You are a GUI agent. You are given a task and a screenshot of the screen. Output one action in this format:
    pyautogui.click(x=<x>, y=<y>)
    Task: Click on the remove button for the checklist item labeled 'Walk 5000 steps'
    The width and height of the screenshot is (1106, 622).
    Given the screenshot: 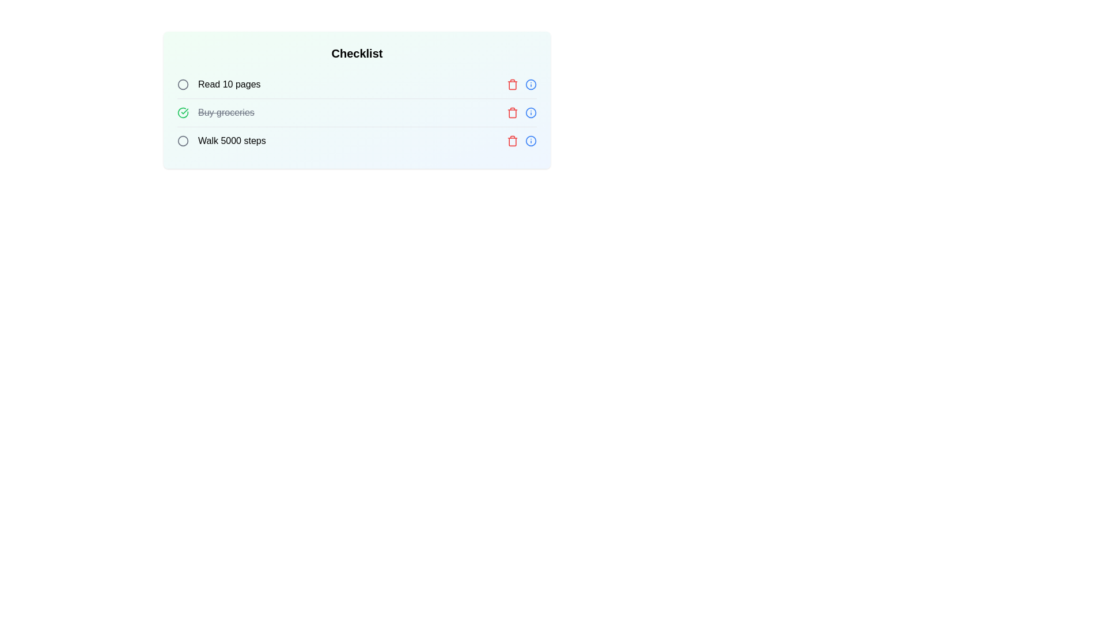 What is the action you would take?
    pyautogui.click(x=512, y=141)
    